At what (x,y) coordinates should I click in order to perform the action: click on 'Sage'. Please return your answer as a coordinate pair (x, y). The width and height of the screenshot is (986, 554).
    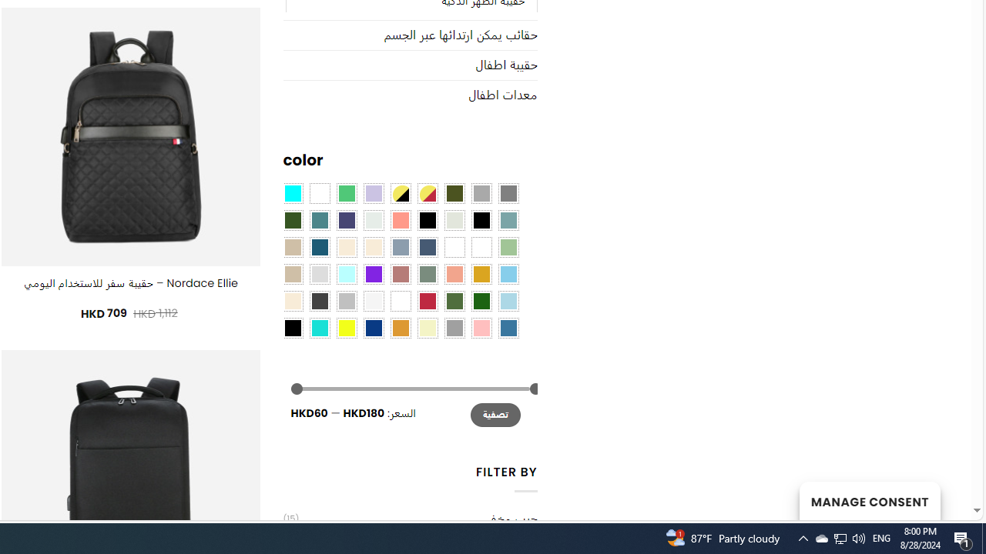
    Looking at the image, I should click on (427, 272).